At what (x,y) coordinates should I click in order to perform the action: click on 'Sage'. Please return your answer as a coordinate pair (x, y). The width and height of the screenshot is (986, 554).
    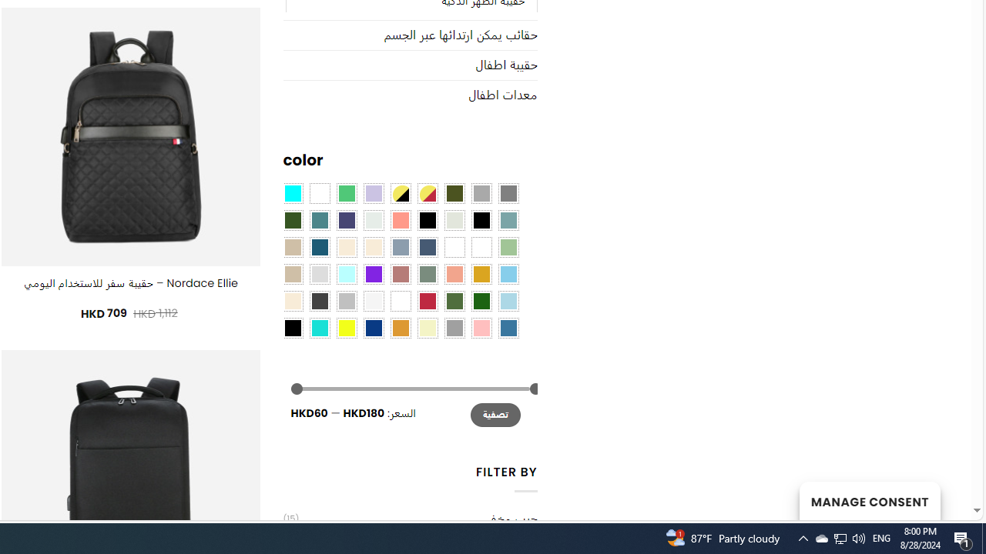
    Looking at the image, I should click on (427, 272).